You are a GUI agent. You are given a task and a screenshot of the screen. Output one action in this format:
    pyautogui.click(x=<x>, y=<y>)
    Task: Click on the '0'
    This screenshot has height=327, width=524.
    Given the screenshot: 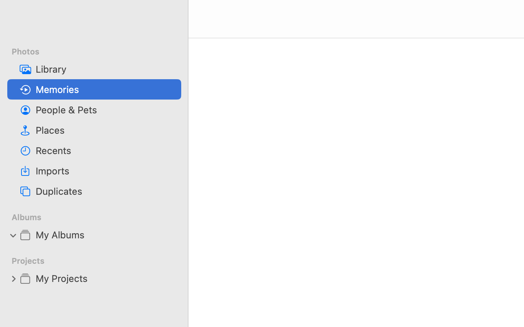 What is the action you would take?
    pyautogui.click(x=13, y=278)
    